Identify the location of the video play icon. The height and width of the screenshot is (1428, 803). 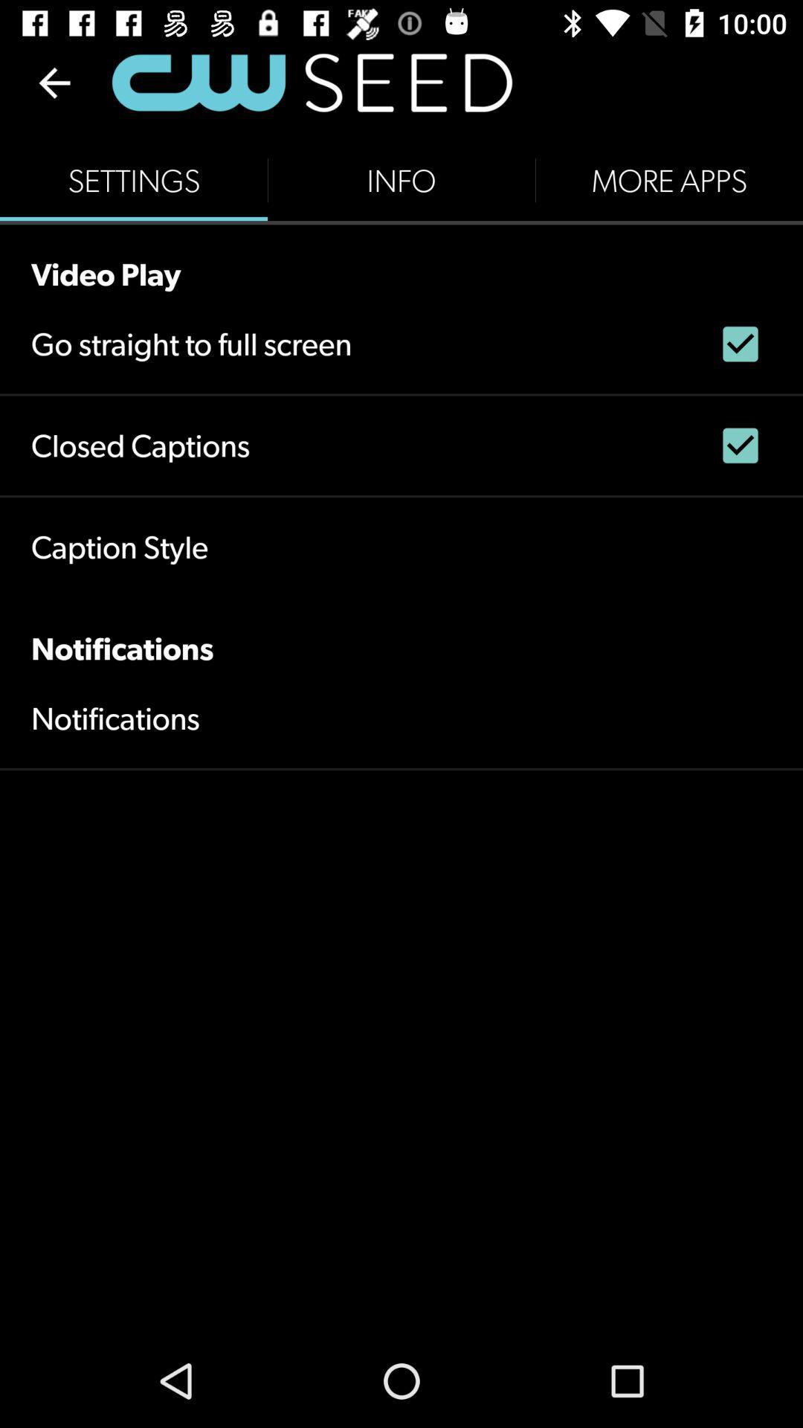
(401, 258).